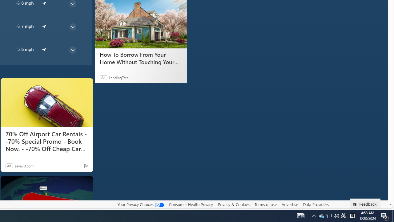 The image size is (394, 222). What do you see at coordinates (316, 204) in the screenshot?
I see `'Data Providers'` at bounding box center [316, 204].